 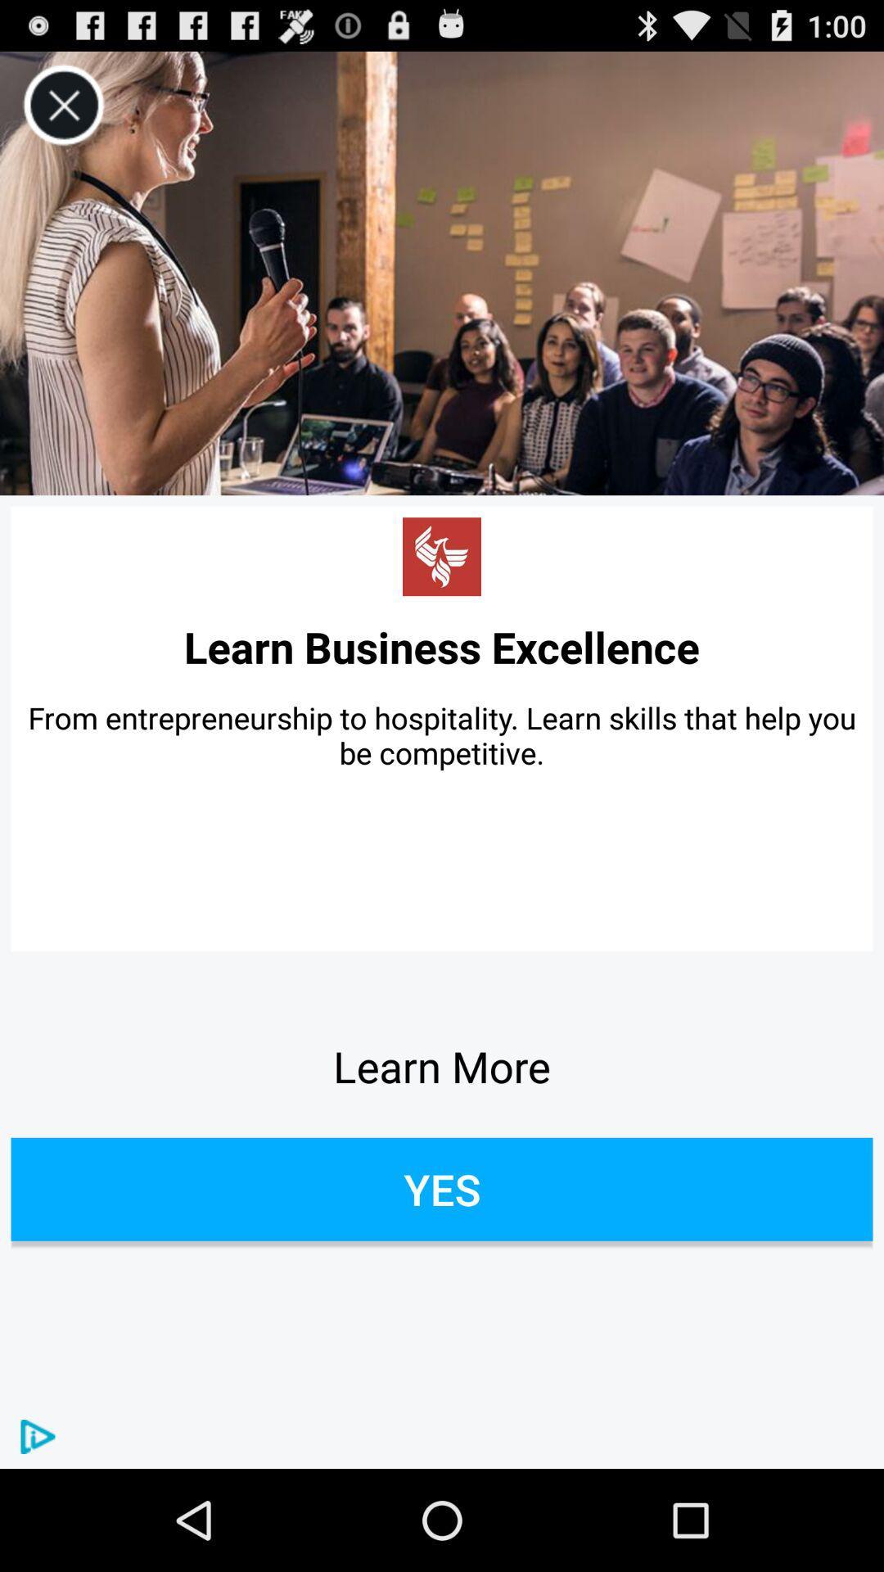 What do you see at coordinates (442, 1189) in the screenshot?
I see `item below the learn more item` at bounding box center [442, 1189].